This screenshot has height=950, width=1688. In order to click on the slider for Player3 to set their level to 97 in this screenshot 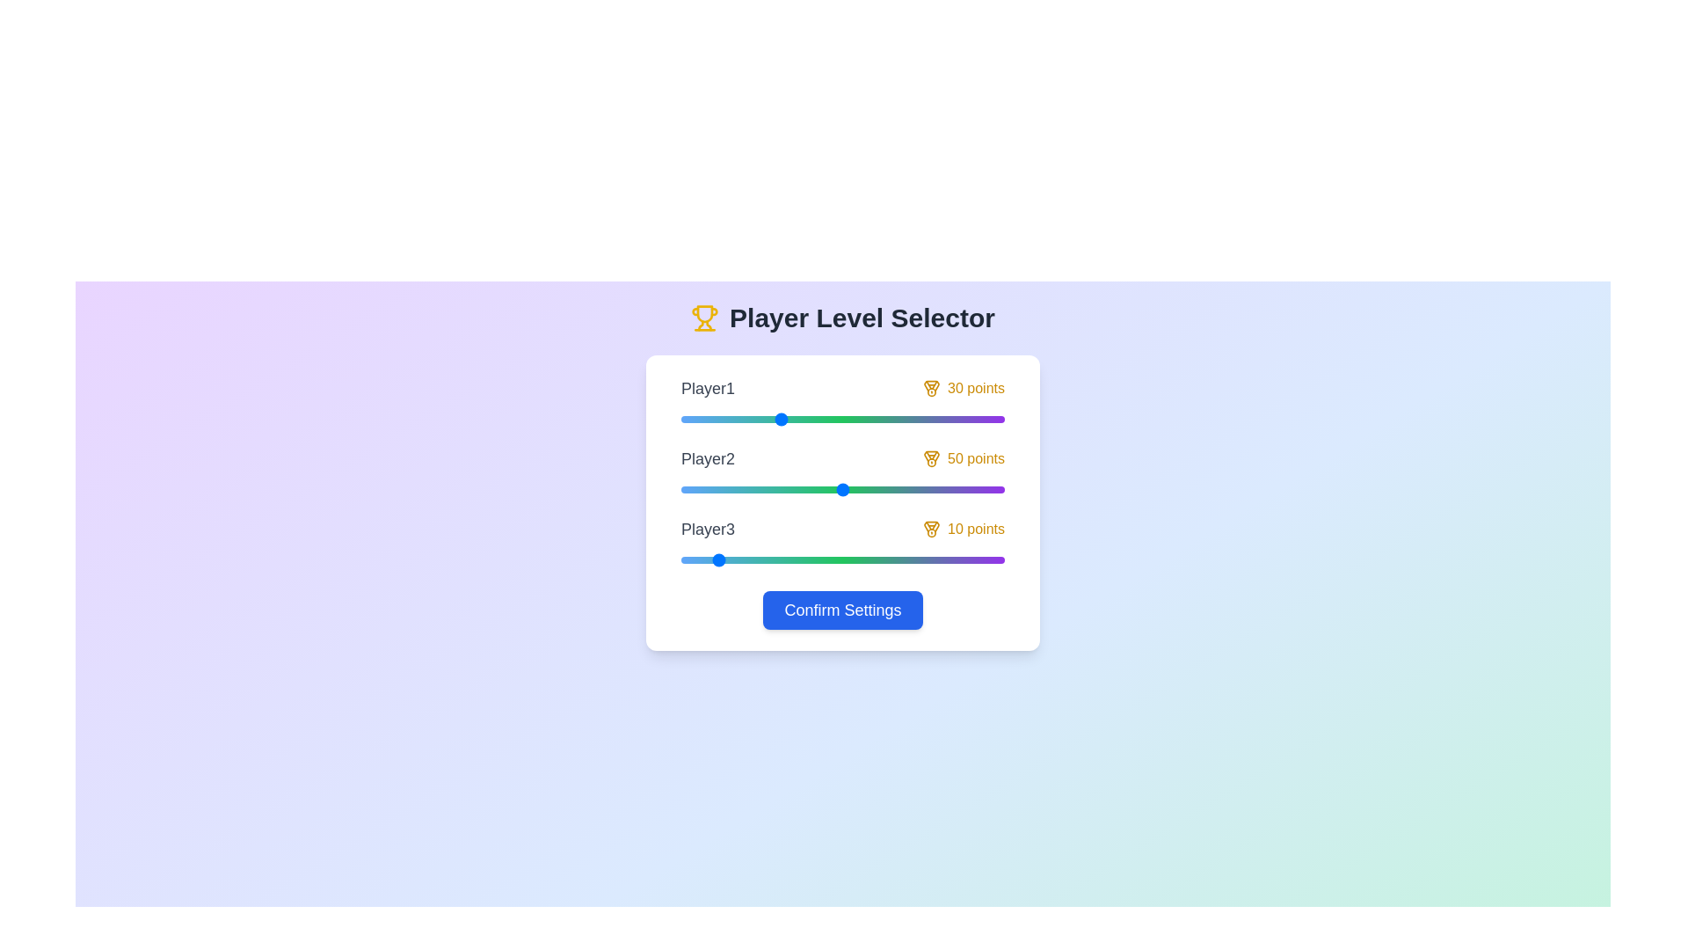, I will do `click(995, 559)`.